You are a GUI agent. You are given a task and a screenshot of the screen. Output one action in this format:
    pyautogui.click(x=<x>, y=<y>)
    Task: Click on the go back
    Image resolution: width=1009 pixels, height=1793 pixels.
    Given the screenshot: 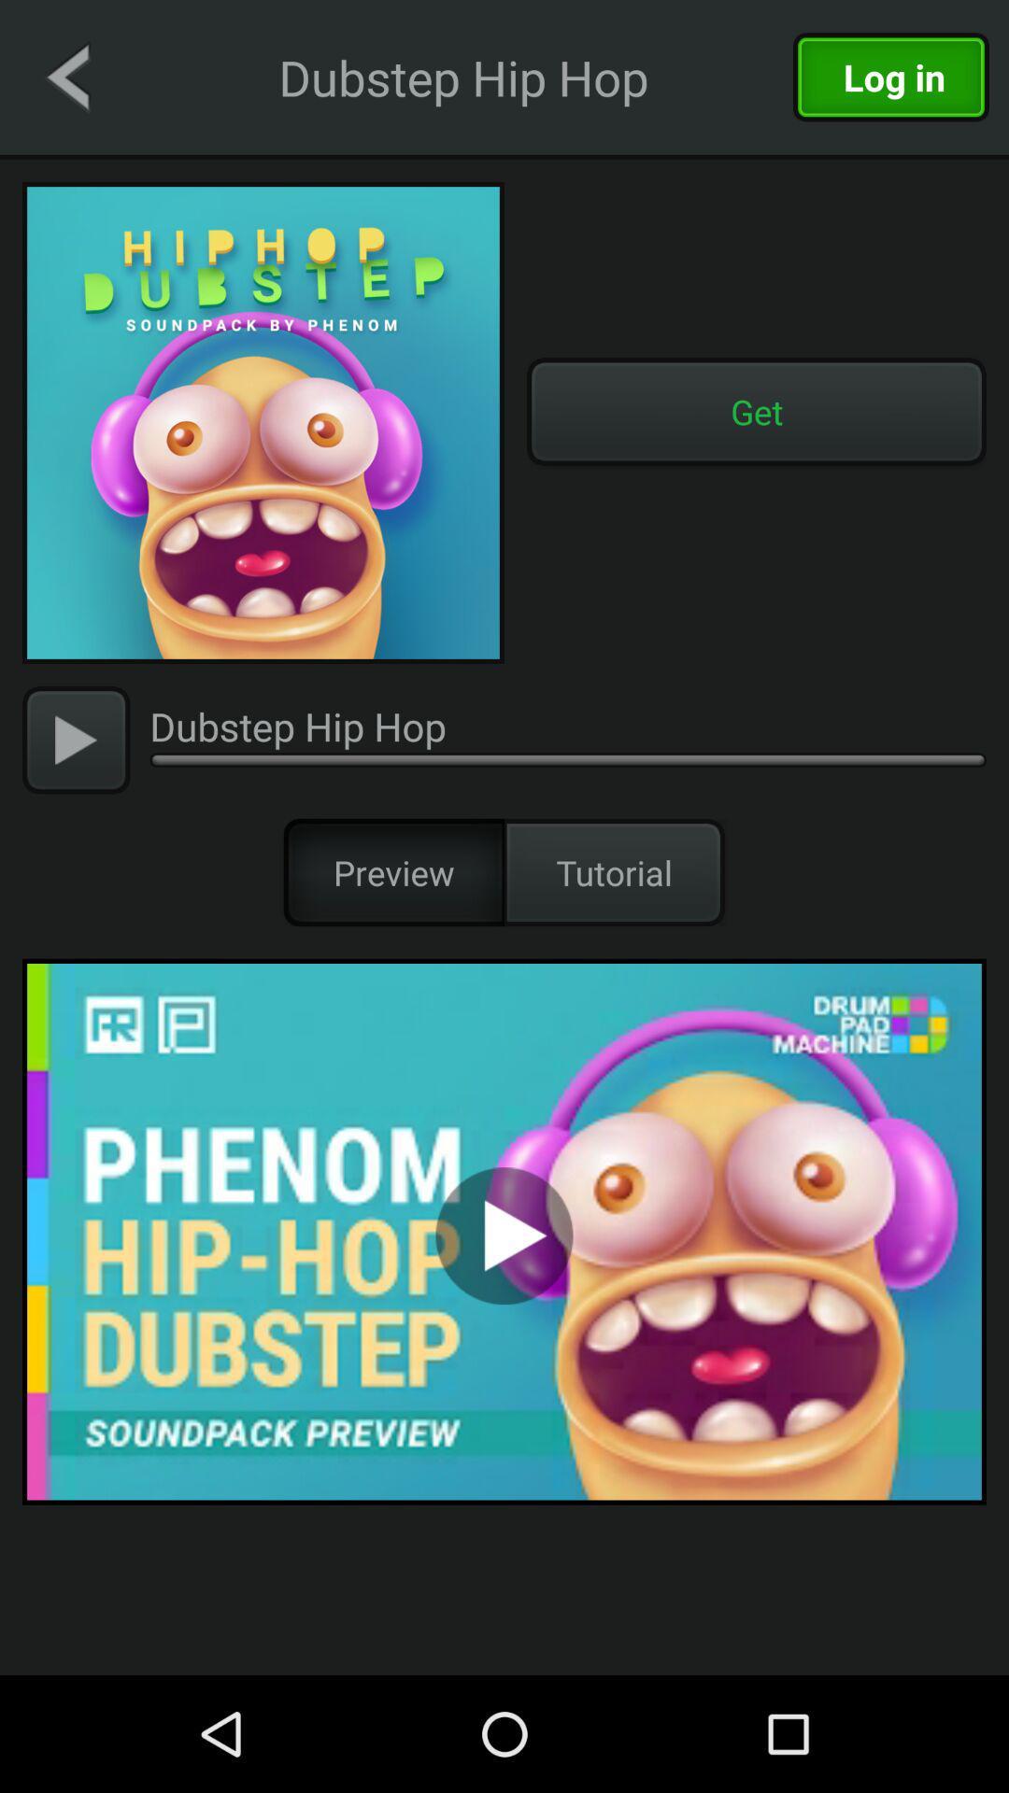 What is the action you would take?
    pyautogui.click(x=66, y=76)
    